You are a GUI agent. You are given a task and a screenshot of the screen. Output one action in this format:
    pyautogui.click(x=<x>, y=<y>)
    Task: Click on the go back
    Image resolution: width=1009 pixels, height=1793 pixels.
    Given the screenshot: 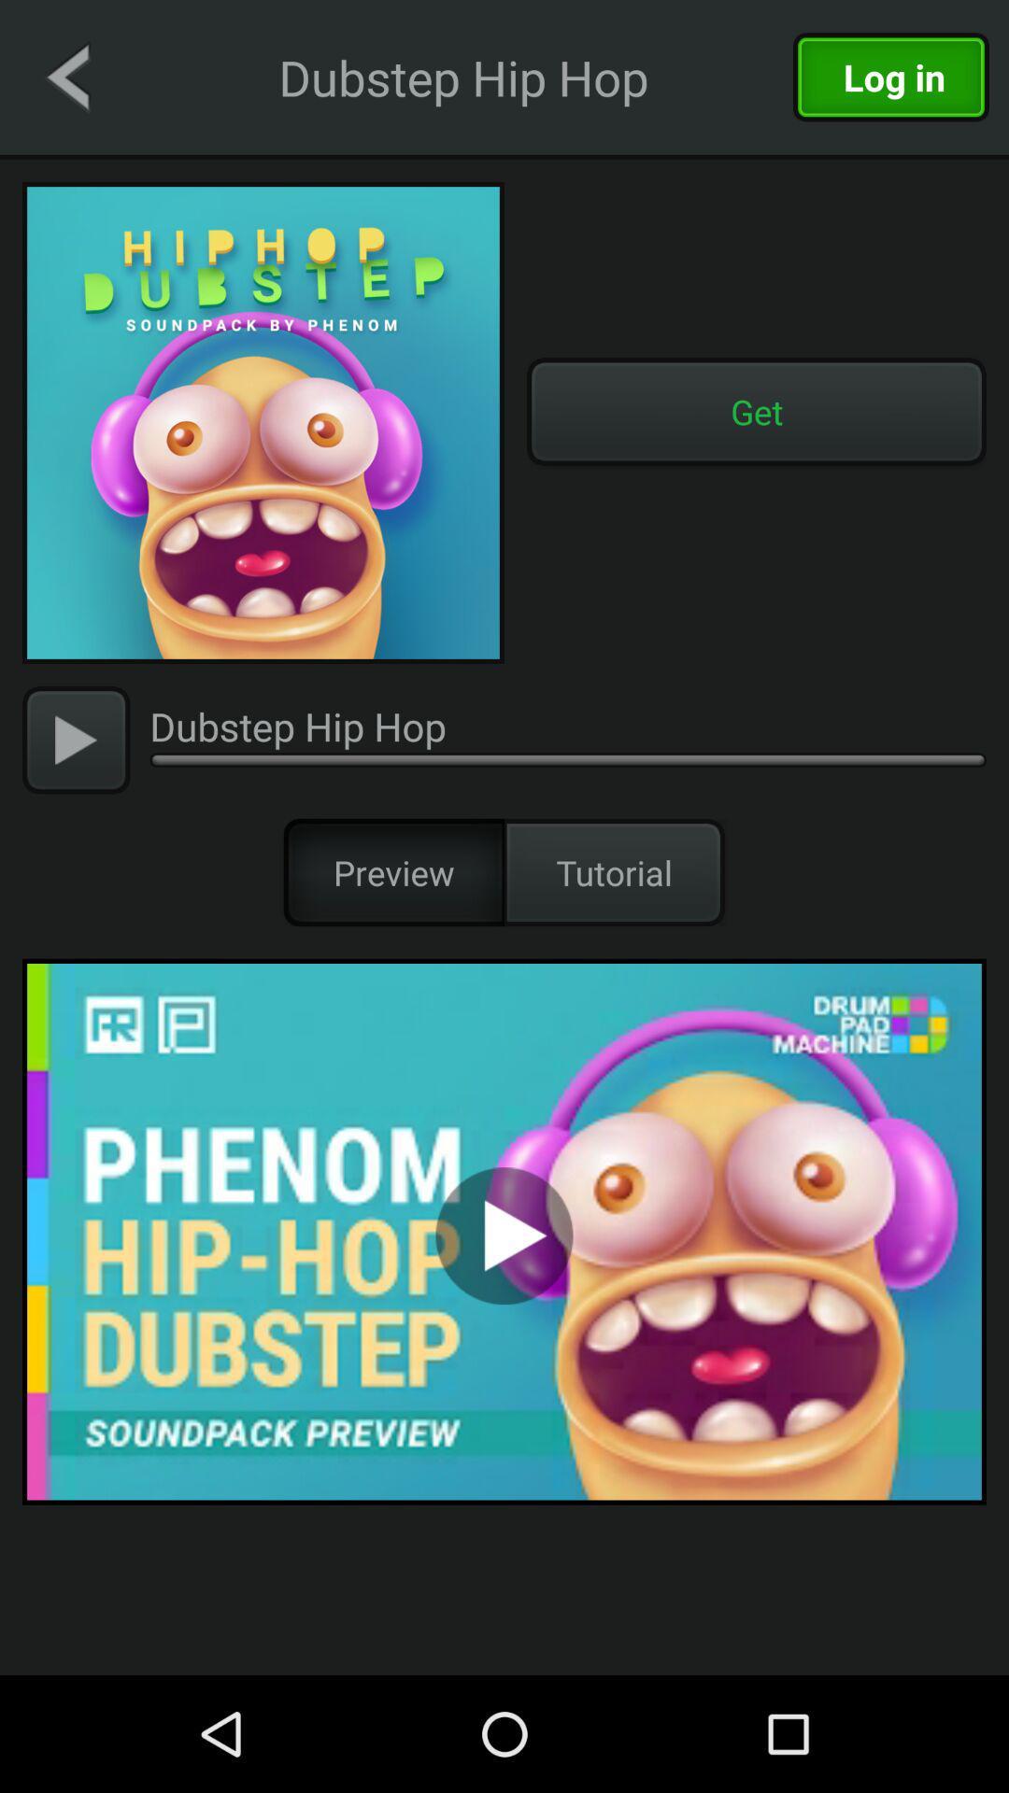 What is the action you would take?
    pyautogui.click(x=66, y=76)
    